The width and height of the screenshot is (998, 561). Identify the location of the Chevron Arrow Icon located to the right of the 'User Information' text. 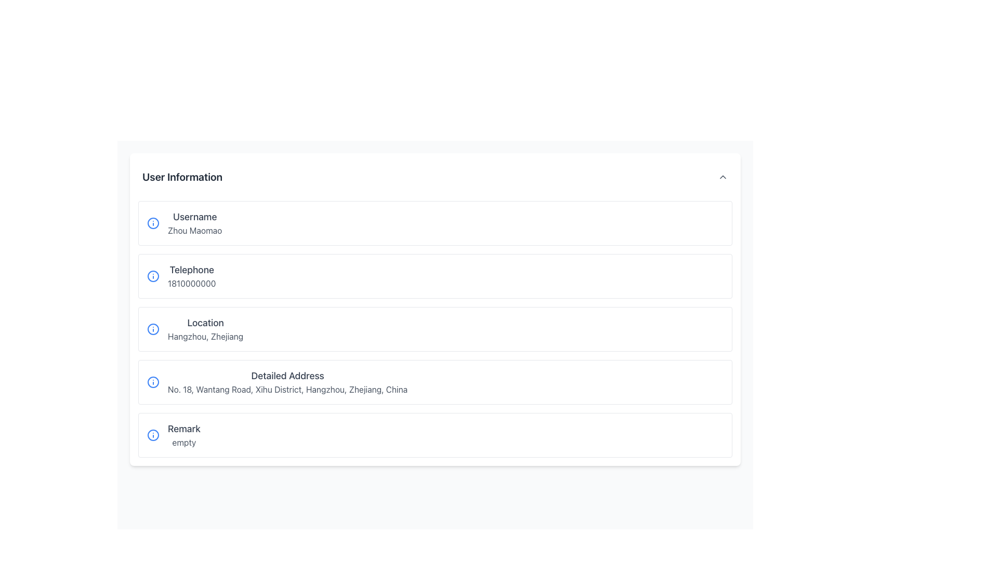
(723, 176).